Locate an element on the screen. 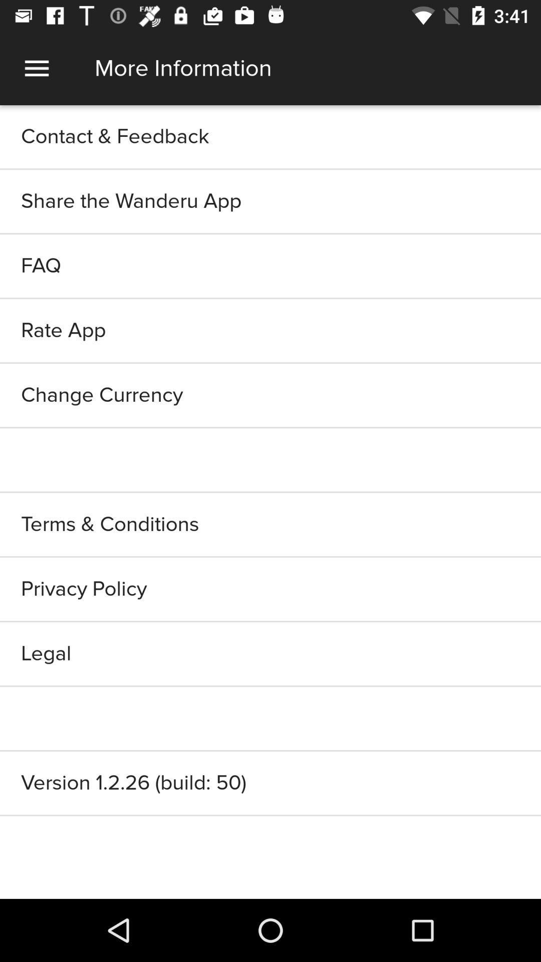 The image size is (541, 962). the icon above privacy policy is located at coordinates (270, 524).